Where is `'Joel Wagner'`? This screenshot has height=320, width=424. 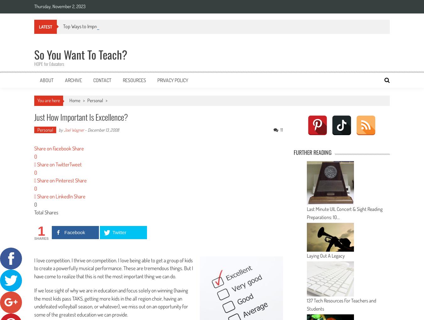 'Joel Wagner' is located at coordinates (73, 129).